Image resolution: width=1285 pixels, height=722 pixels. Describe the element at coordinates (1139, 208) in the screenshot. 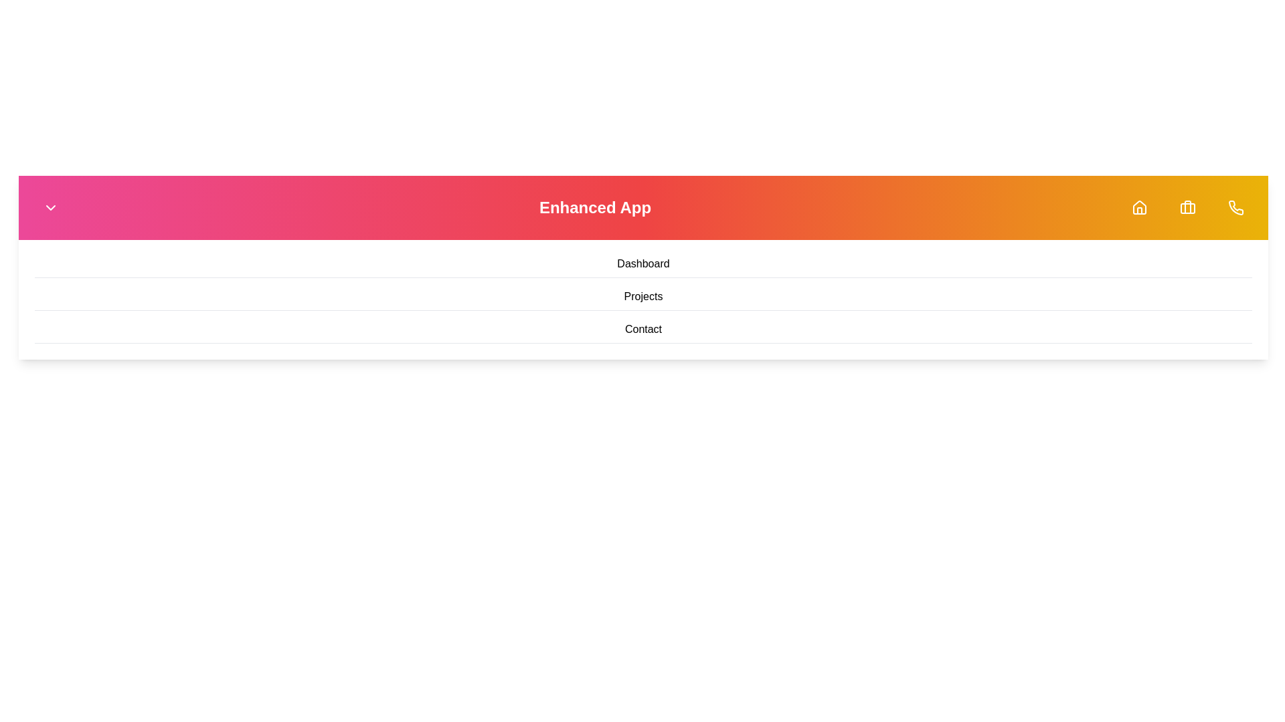

I see `the navigation icon corresponding to Home` at that location.